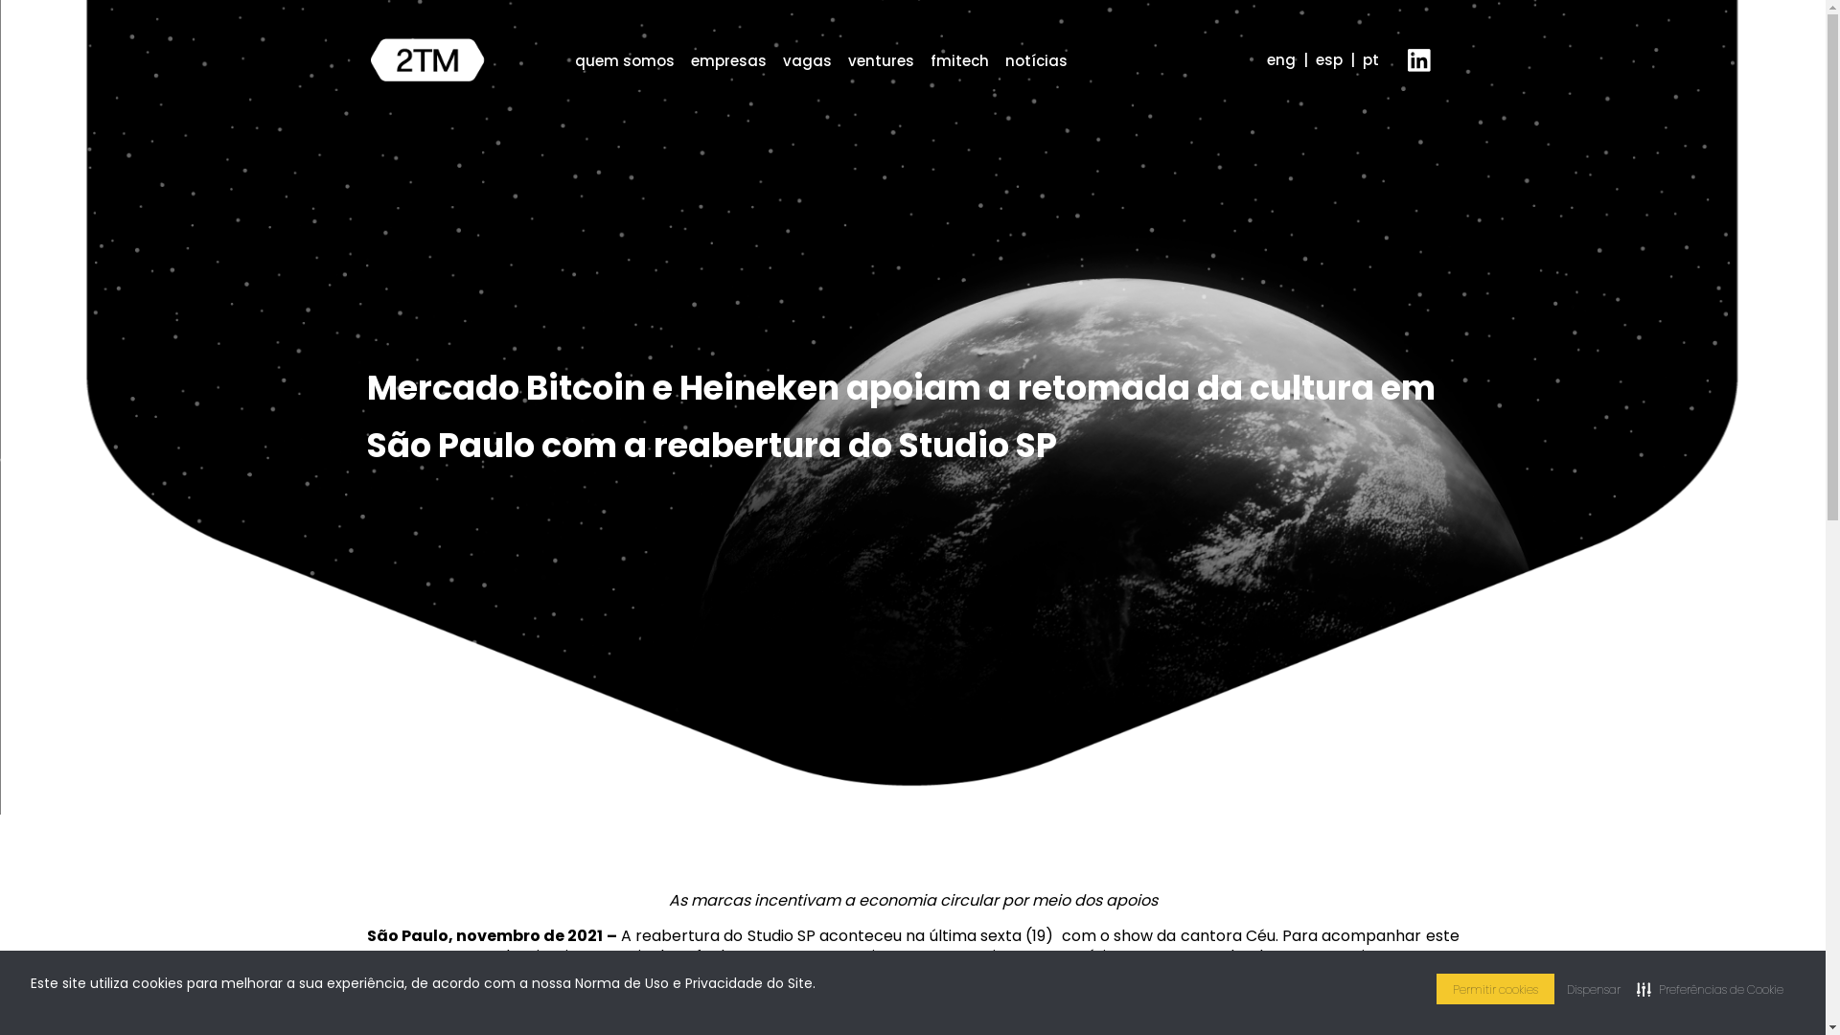 The image size is (1840, 1035). I want to click on 'esp', so click(1327, 58).